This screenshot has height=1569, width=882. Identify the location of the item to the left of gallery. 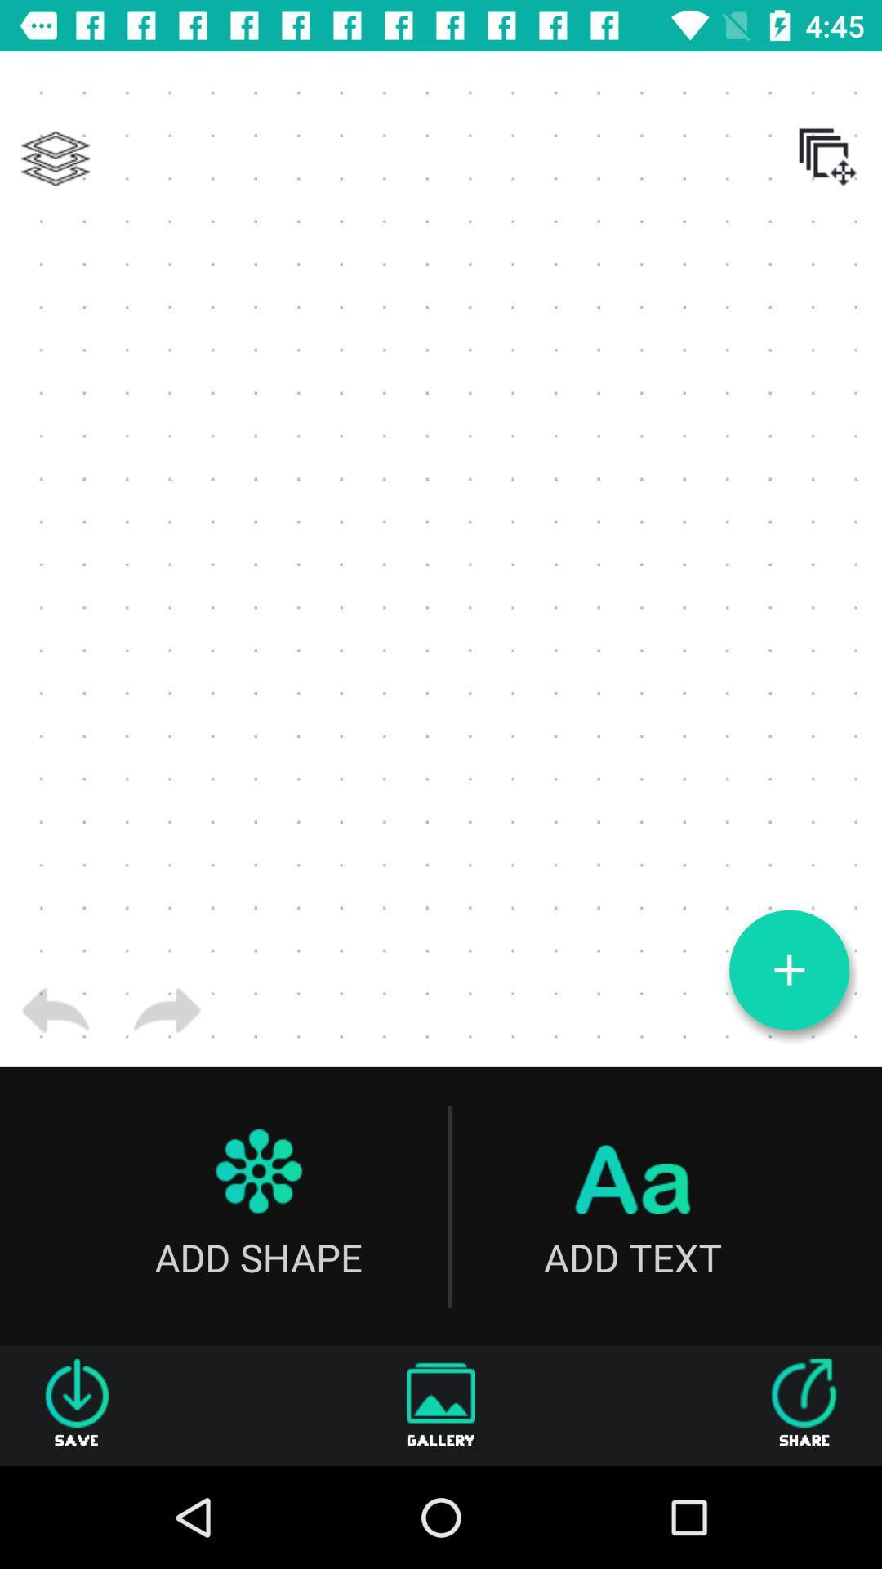
(77, 1405).